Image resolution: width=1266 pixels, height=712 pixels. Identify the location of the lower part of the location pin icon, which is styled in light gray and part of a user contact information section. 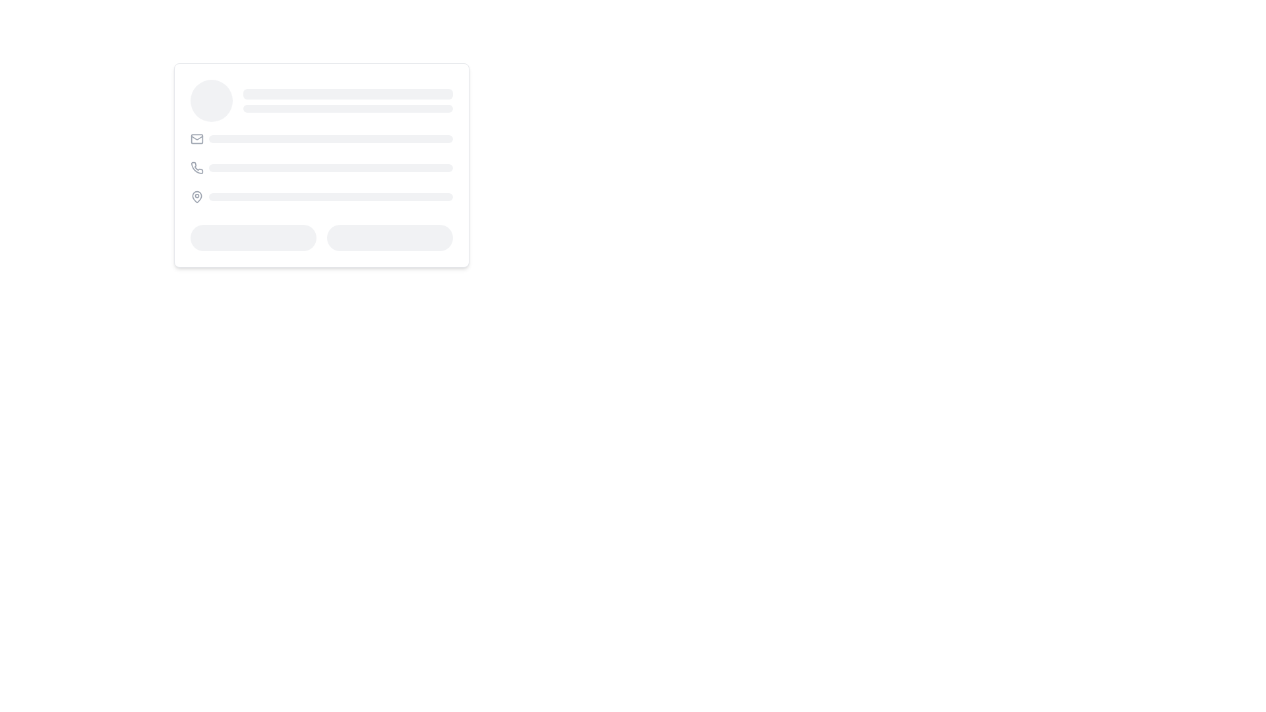
(196, 196).